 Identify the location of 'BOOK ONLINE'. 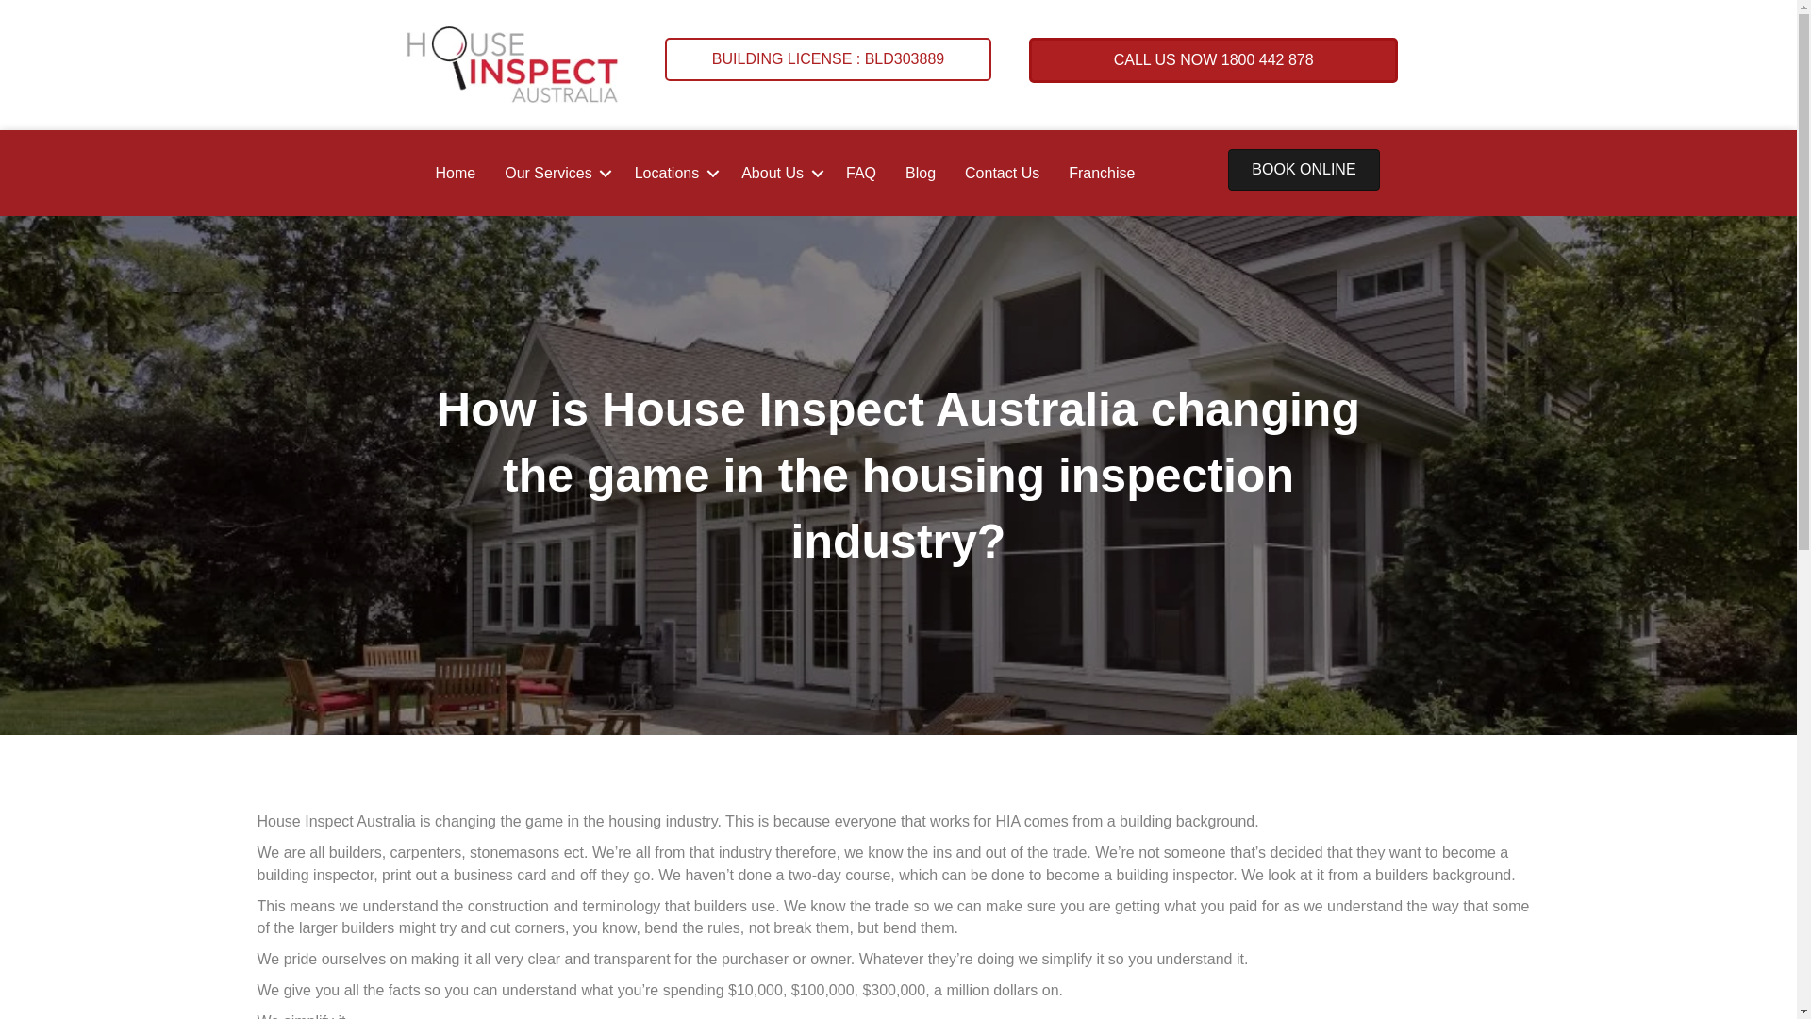
(1303, 170).